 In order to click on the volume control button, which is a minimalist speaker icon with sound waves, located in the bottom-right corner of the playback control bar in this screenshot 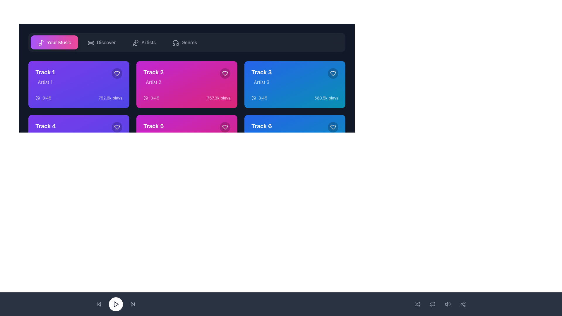, I will do `click(448, 304)`.